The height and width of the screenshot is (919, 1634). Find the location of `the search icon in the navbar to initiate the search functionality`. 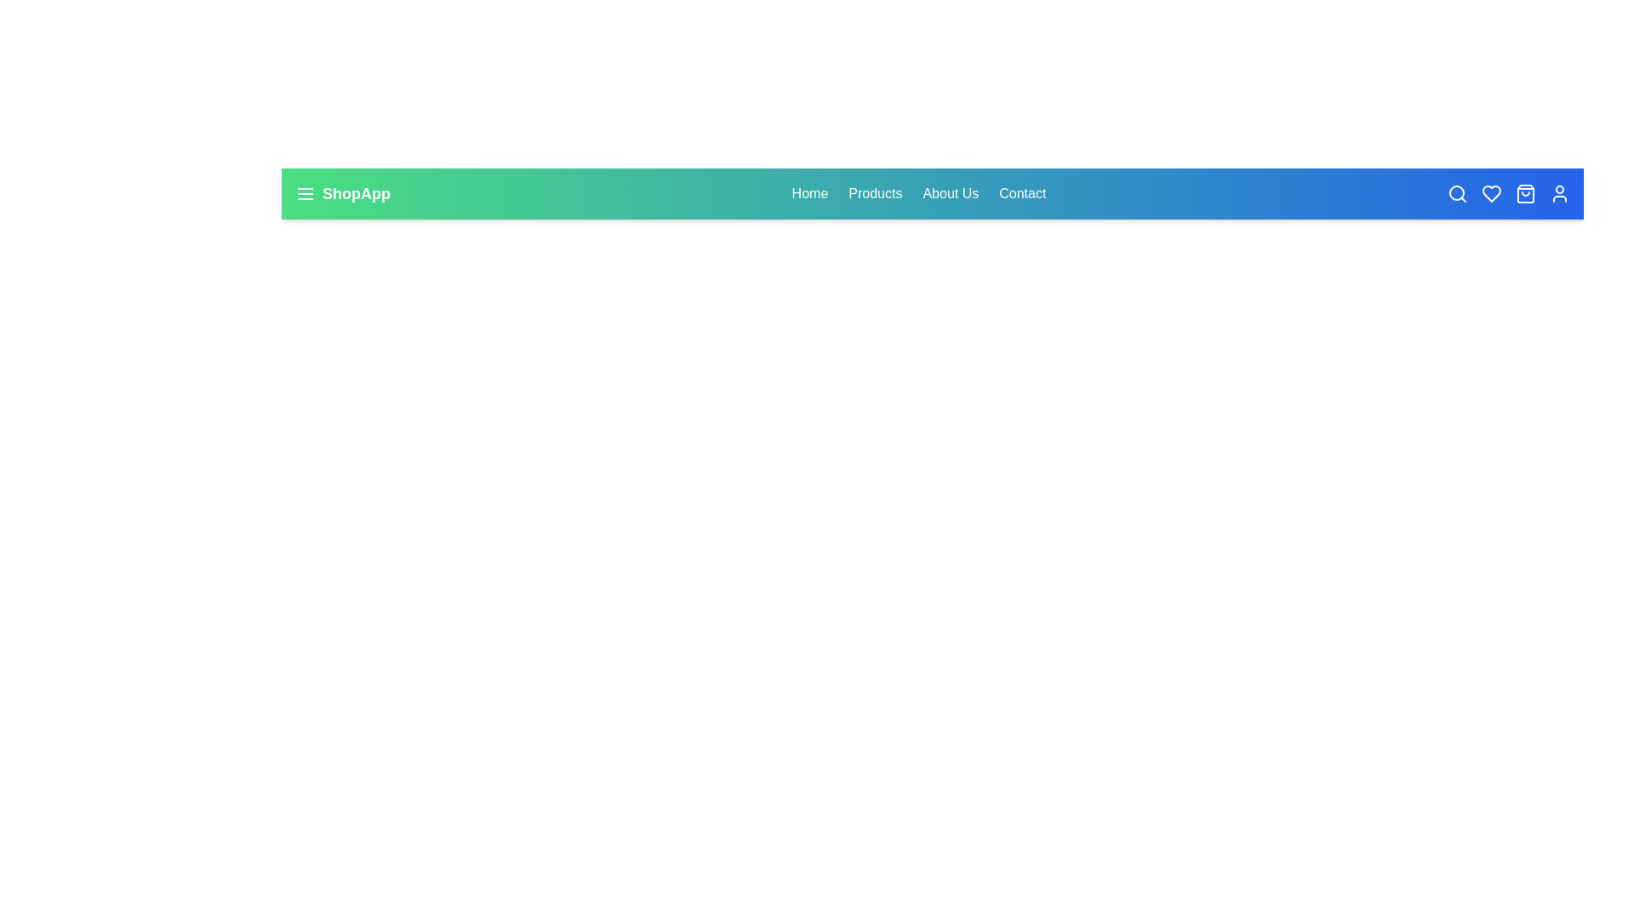

the search icon in the navbar to initiate the search functionality is located at coordinates (1457, 192).